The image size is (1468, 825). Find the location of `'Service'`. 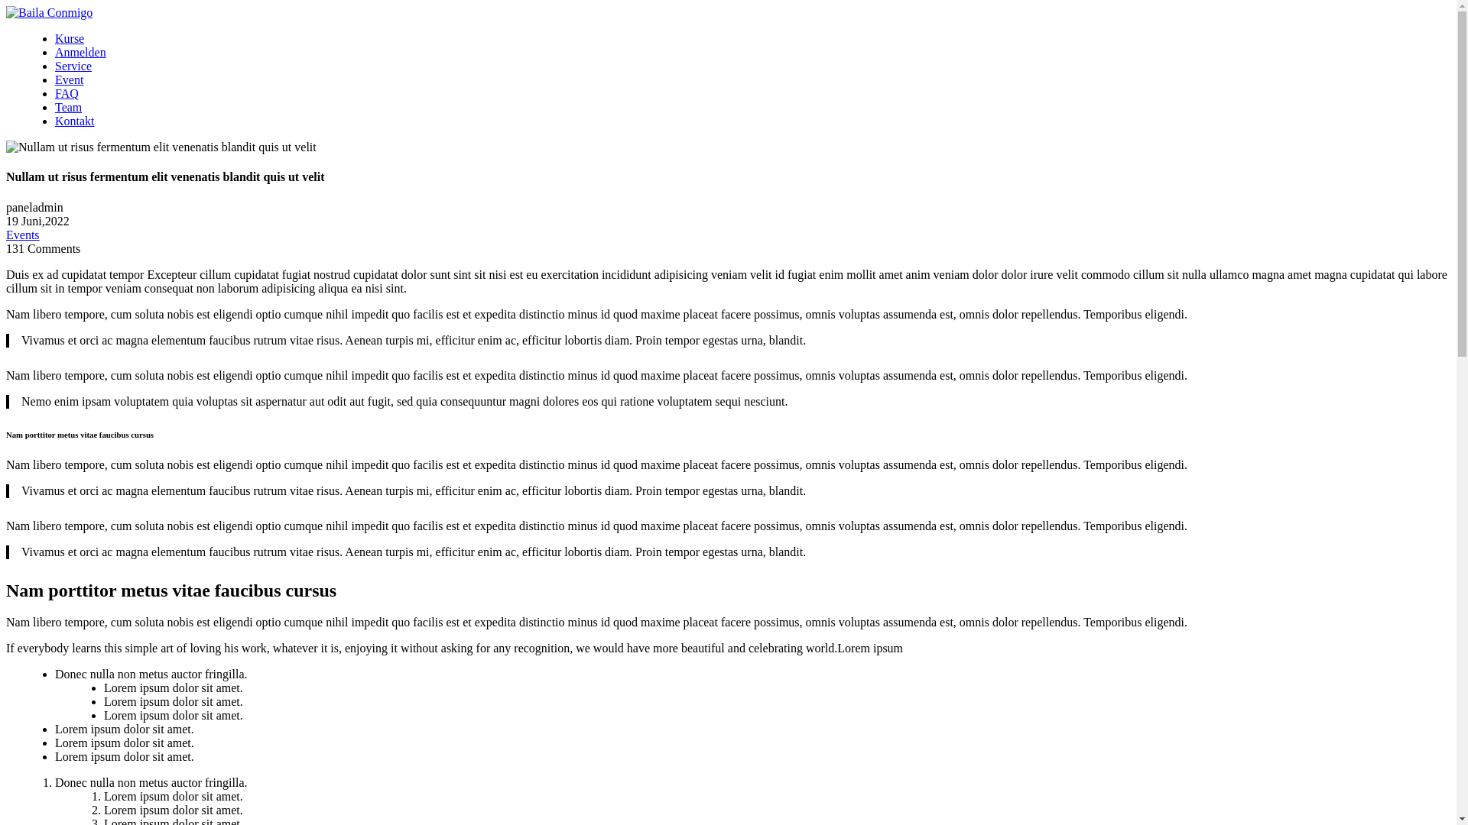

'Service' is located at coordinates (73, 65).